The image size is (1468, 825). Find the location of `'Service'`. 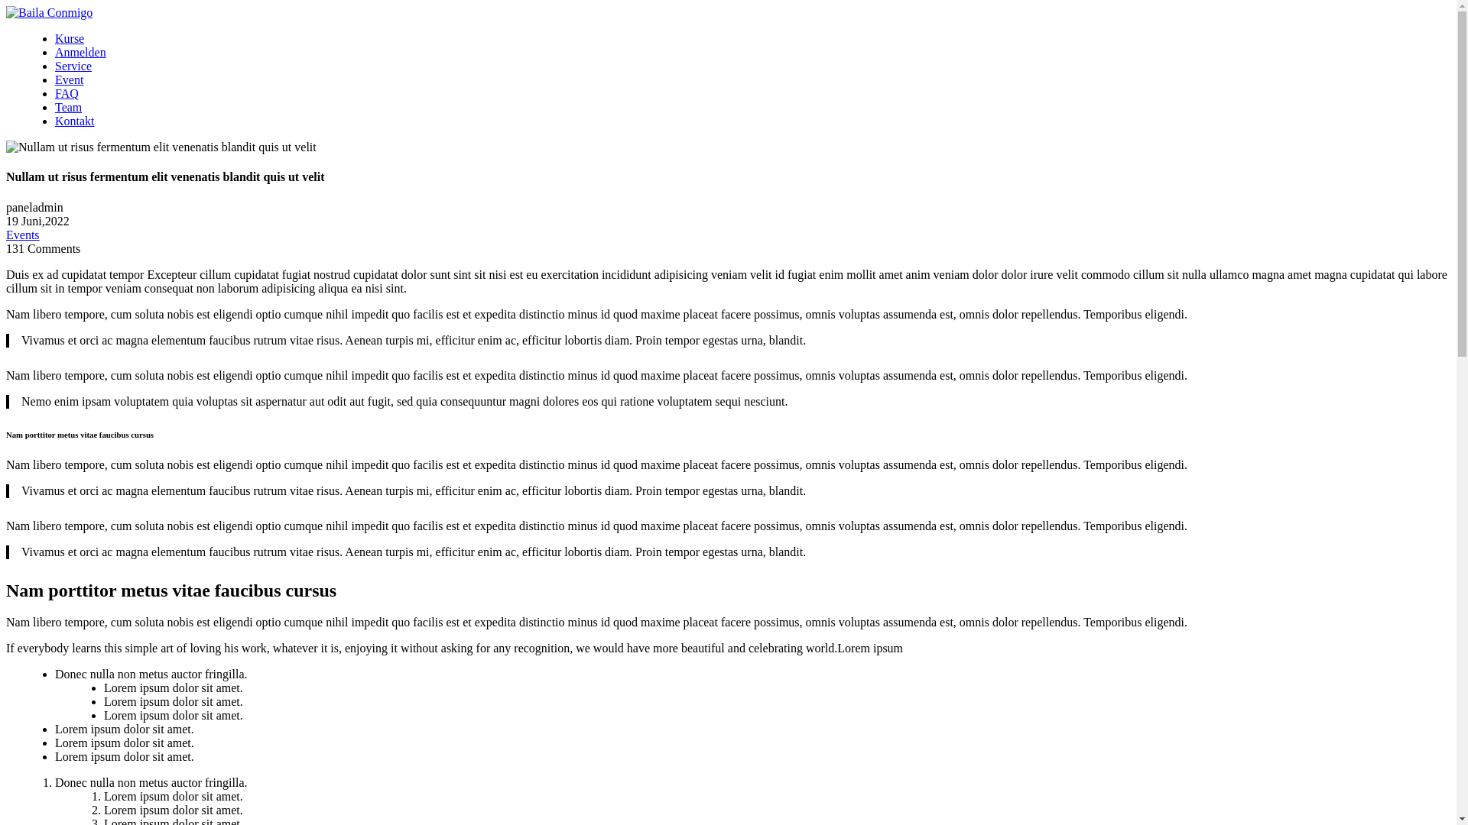

'Service' is located at coordinates (73, 65).